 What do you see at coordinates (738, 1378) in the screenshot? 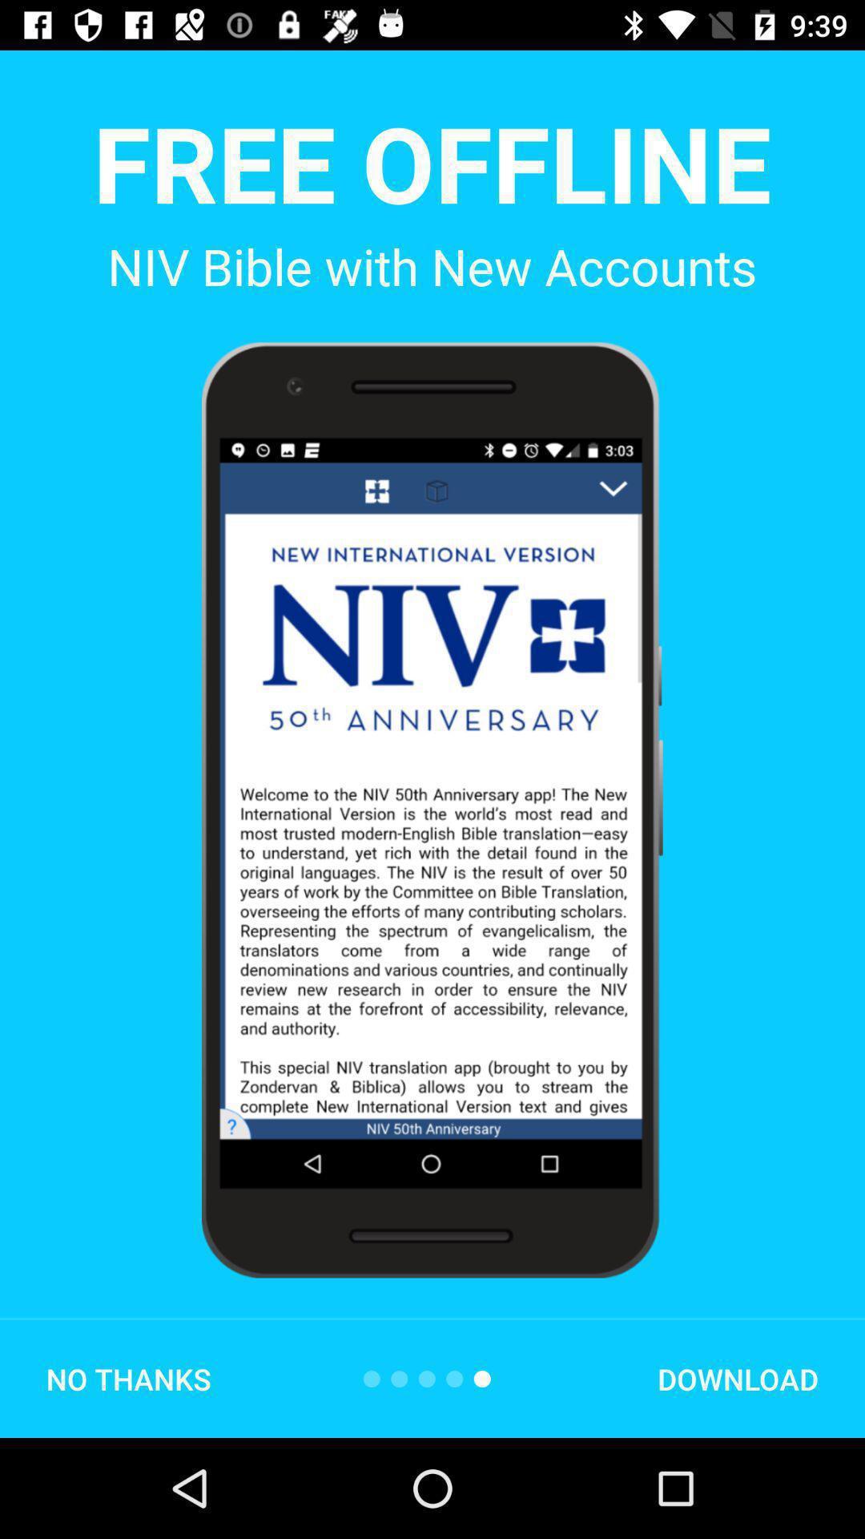
I see `the download at the bottom right corner` at bounding box center [738, 1378].